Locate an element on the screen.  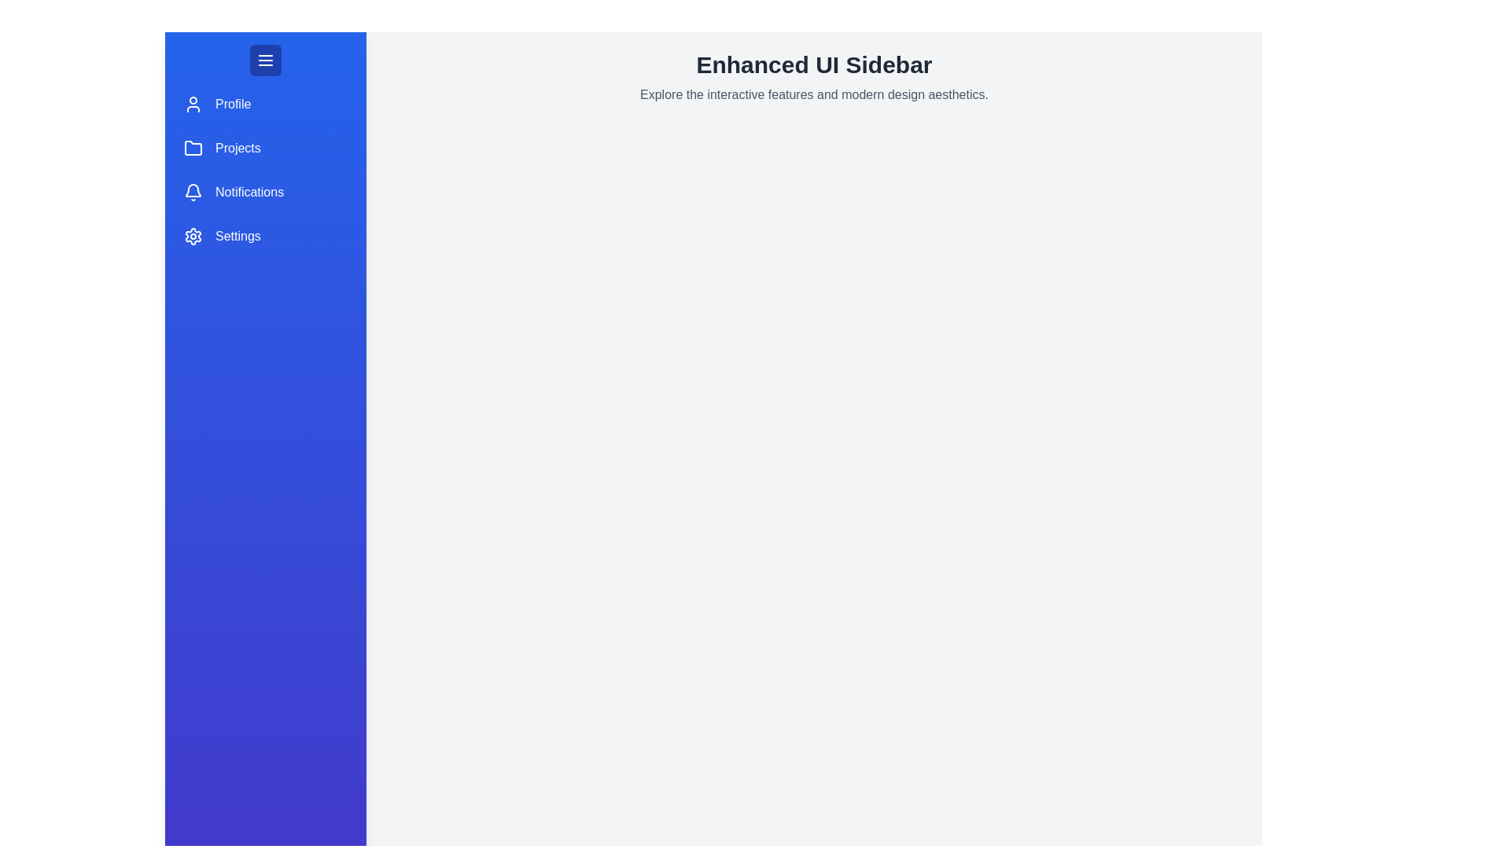
the menu item labeled Settings to highlight it is located at coordinates (265, 236).